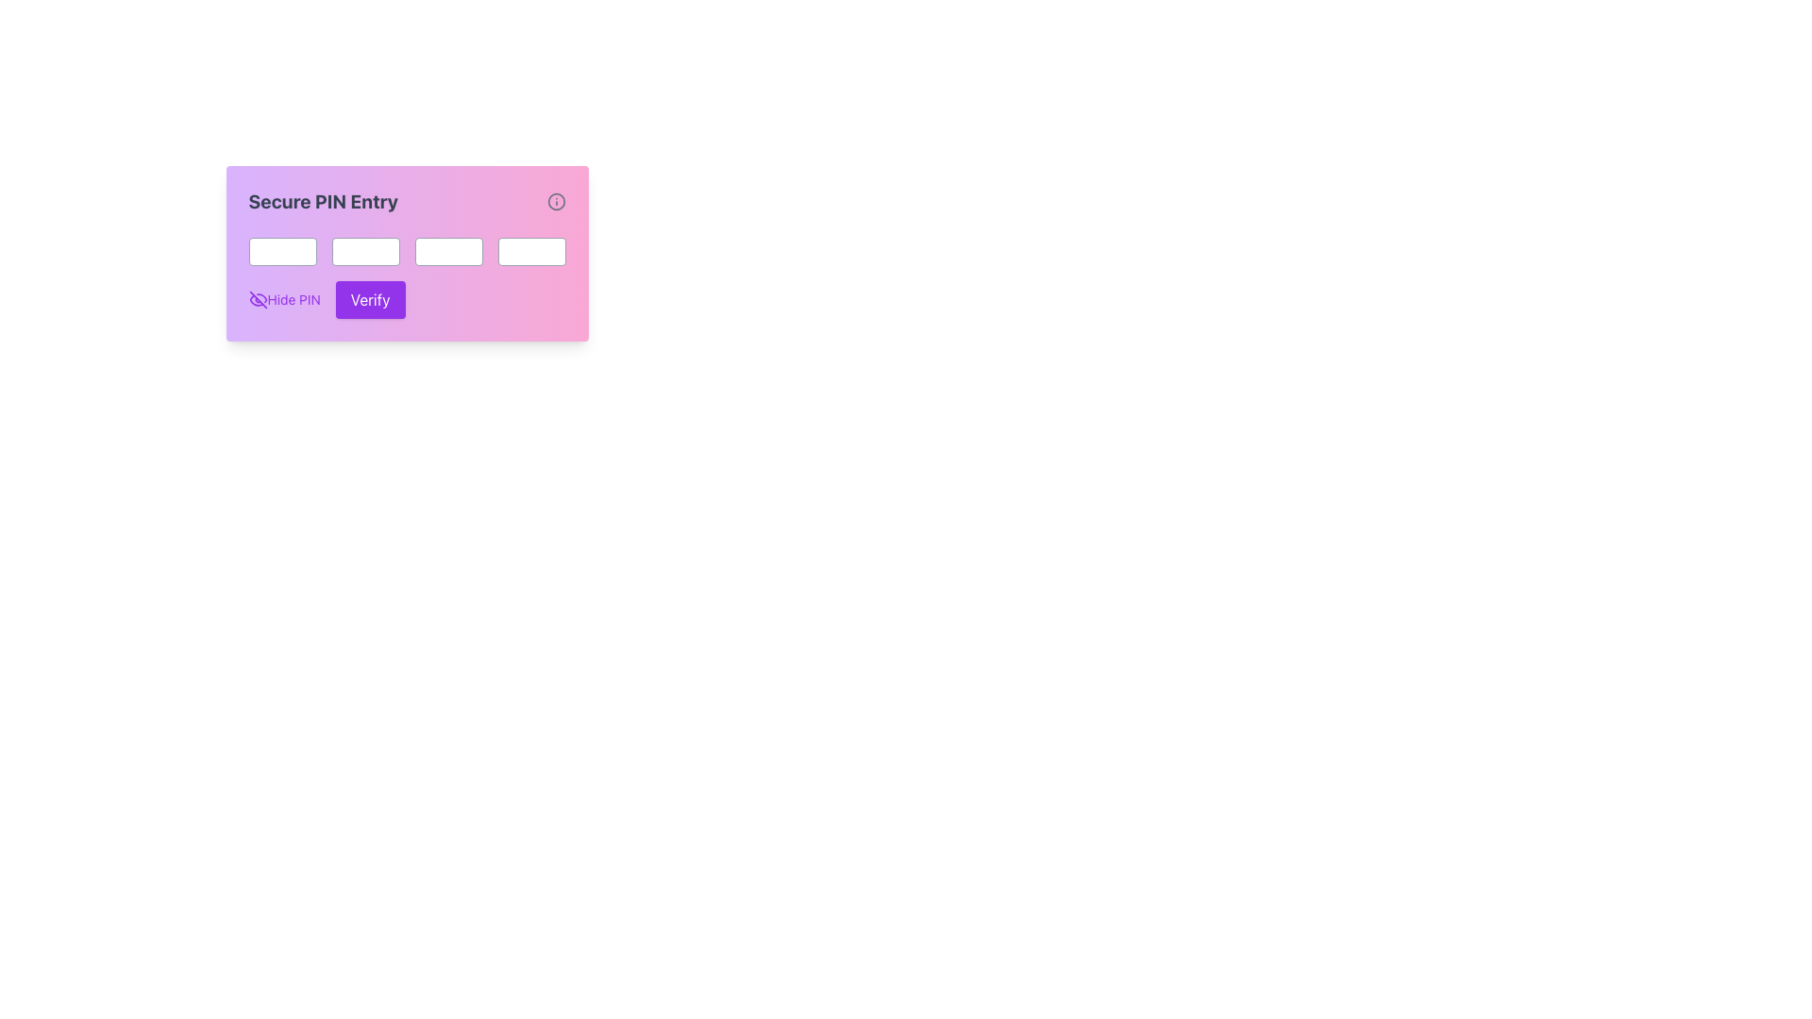 This screenshot has height=1019, width=1812. What do you see at coordinates (323, 201) in the screenshot?
I see `the bold text label that reads 'Secure PIN Entry', styled prominently on a gradient pink/purple background, located near the top-middle of the form layout` at bounding box center [323, 201].